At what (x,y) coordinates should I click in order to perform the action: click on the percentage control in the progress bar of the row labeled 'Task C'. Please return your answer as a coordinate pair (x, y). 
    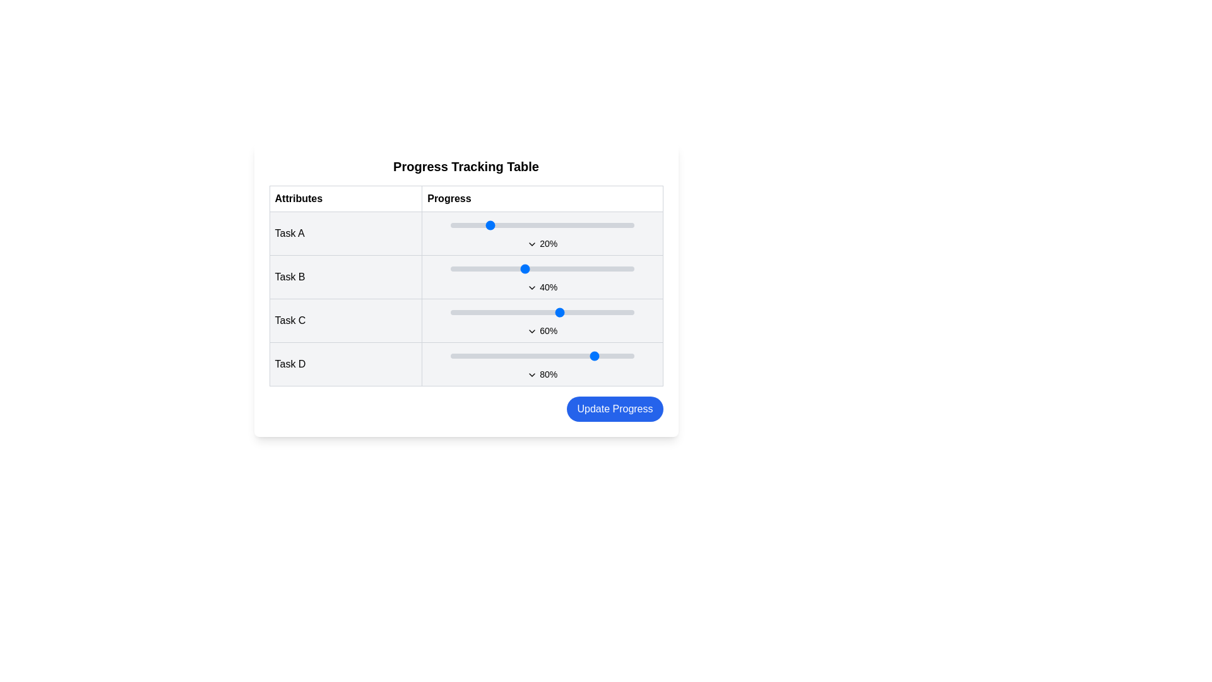
    Looking at the image, I should click on (465, 320).